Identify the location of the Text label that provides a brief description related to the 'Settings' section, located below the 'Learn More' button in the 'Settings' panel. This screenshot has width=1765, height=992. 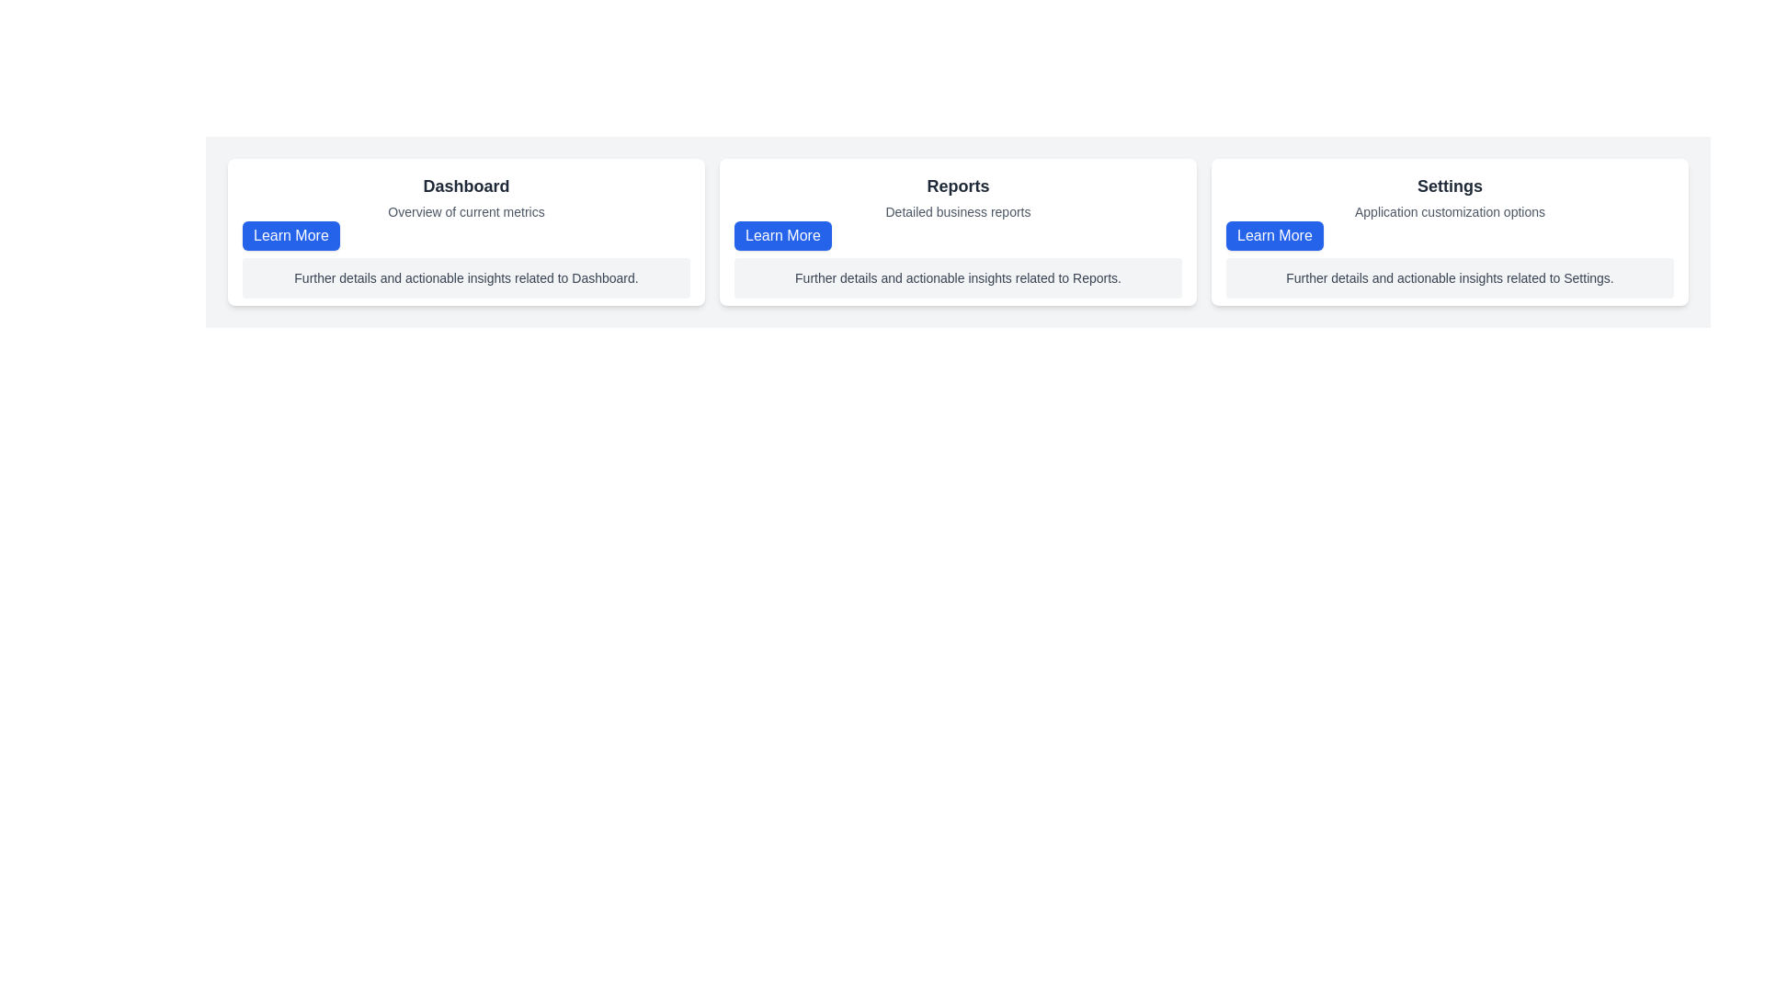
(1449, 278).